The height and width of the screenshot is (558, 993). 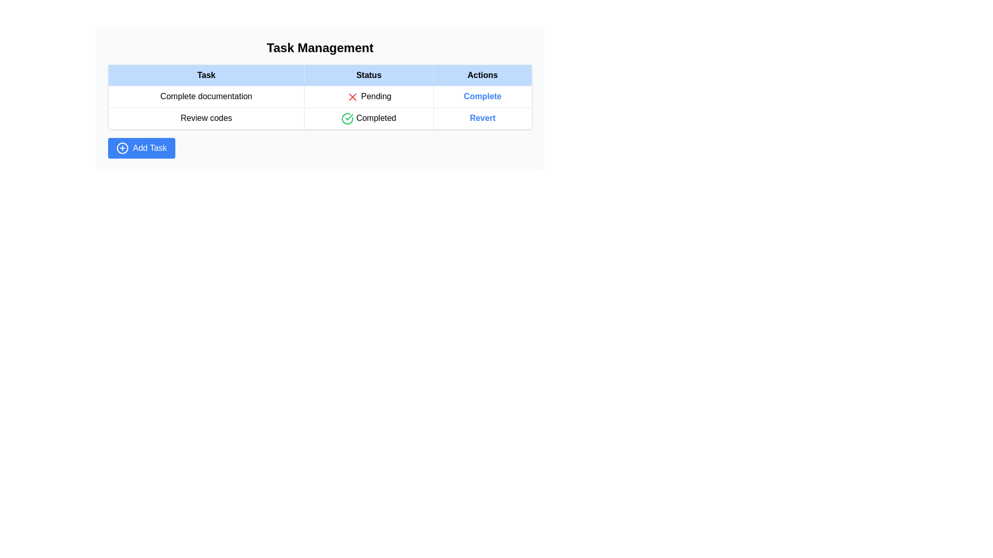 I want to click on the 'Revert' hyperlink in the Actions column of the task management table associated with the task 'Review codes' to initiate the revert action, so click(x=482, y=118).